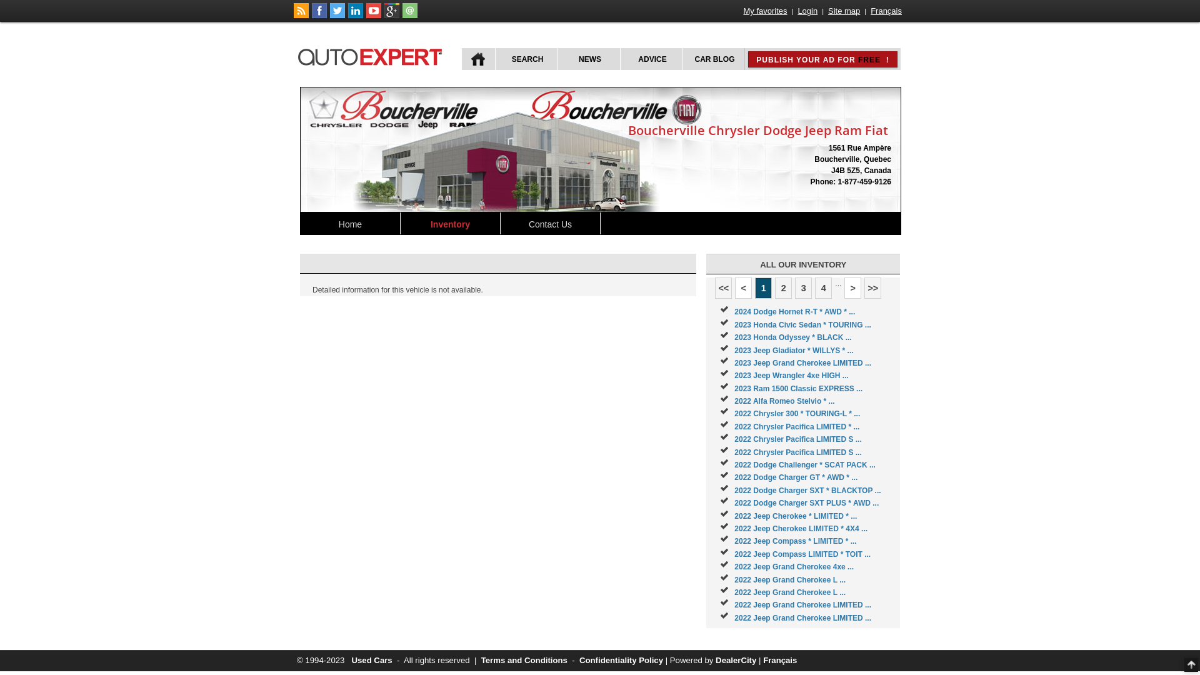 This screenshot has width=1200, height=675. What do you see at coordinates (734, 528) in the screenshot?
I see `'2022 Jeep Cherokee LIMITED * 4X4 ...'` at bounding box center [734, 528].